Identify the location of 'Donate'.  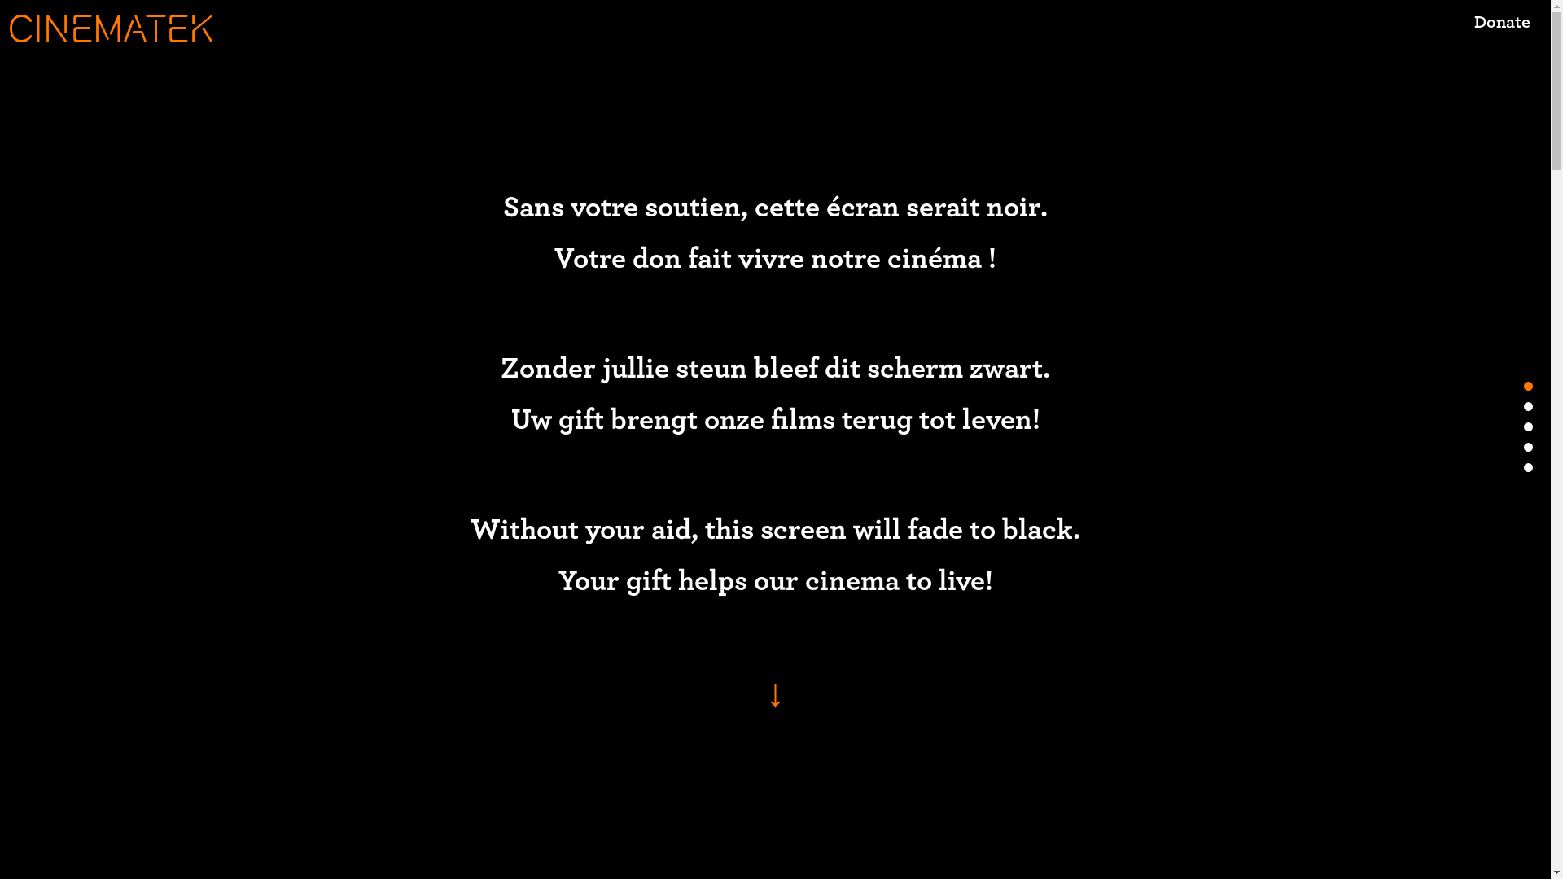
(1501, 34).